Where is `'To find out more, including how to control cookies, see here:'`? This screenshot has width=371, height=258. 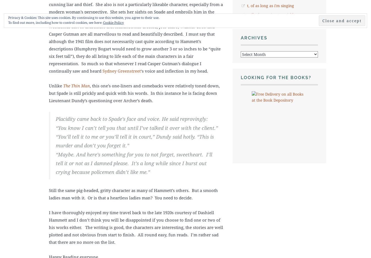 'To find out more, including how to control cookies, see here:' is located at coordinates (56, 22).